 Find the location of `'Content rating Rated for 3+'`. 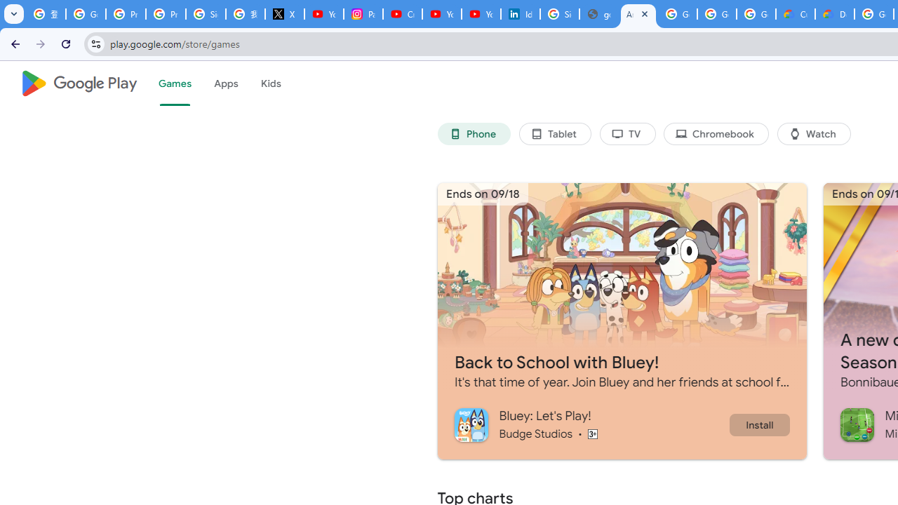

'Content rating Rated for 3+' is located at coordinates (592, 433).